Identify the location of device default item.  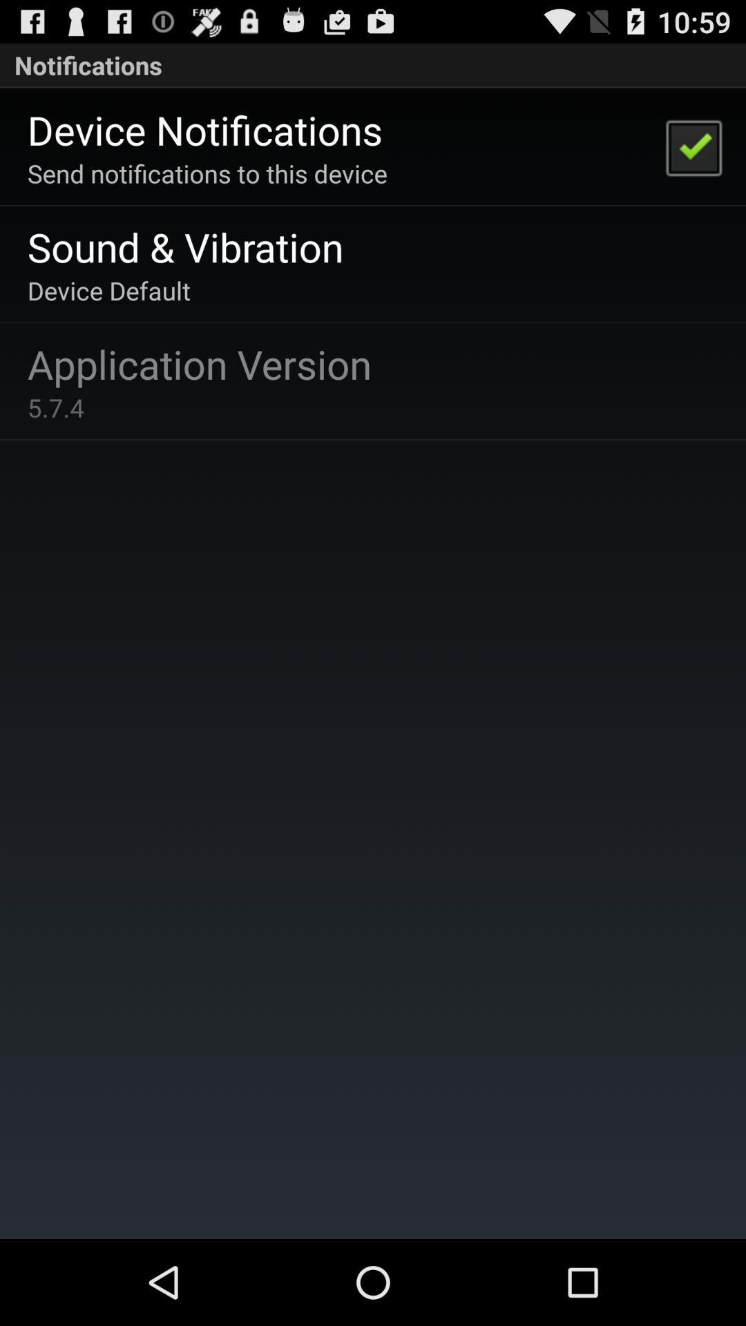
(108, 289).